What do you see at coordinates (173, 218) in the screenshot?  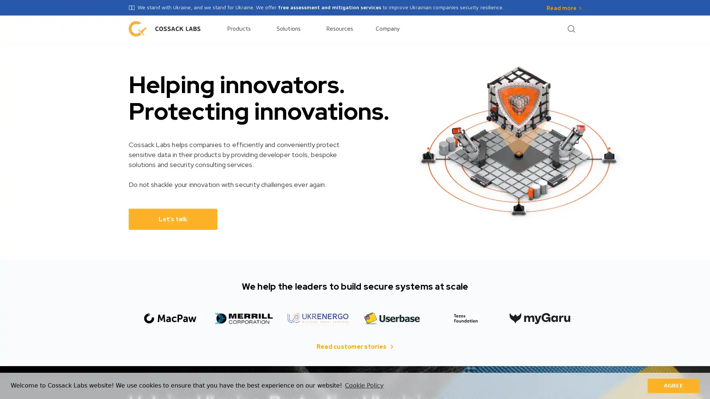 I see `Lets talk` at bounding box center [173, 218].